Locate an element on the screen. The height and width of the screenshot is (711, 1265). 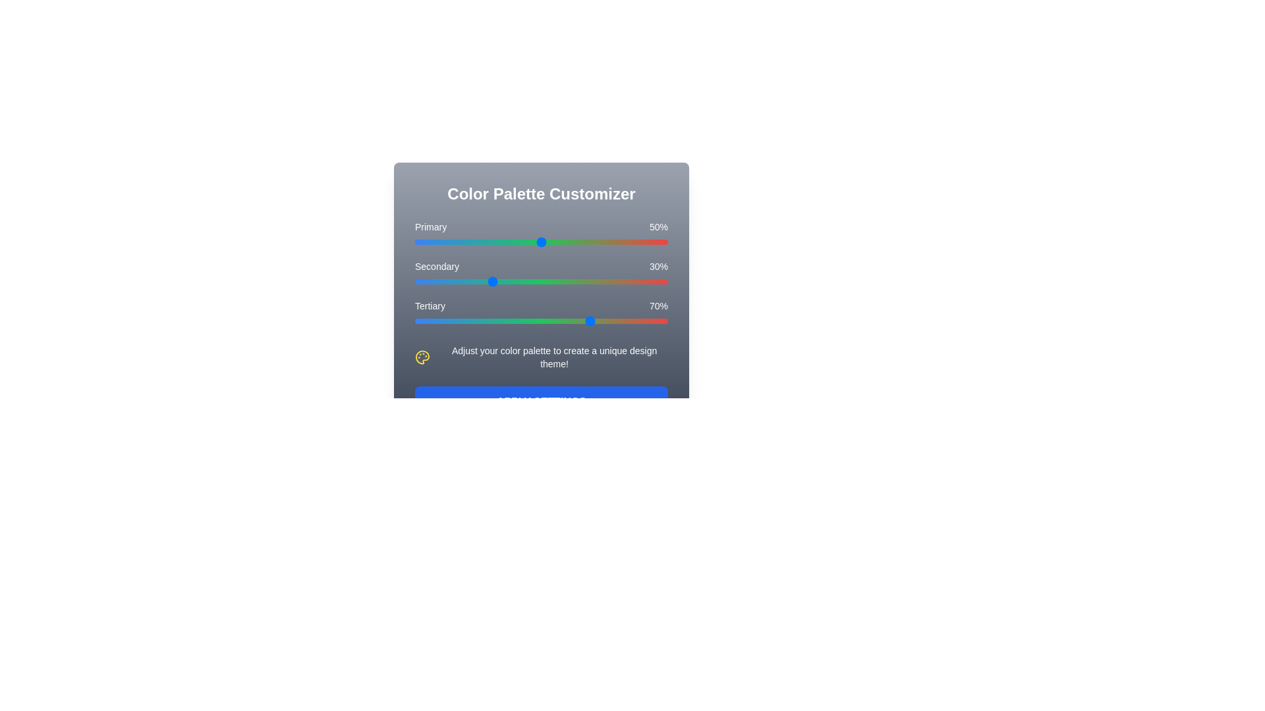
the primary color intensity is located at coordinates (594, 242).